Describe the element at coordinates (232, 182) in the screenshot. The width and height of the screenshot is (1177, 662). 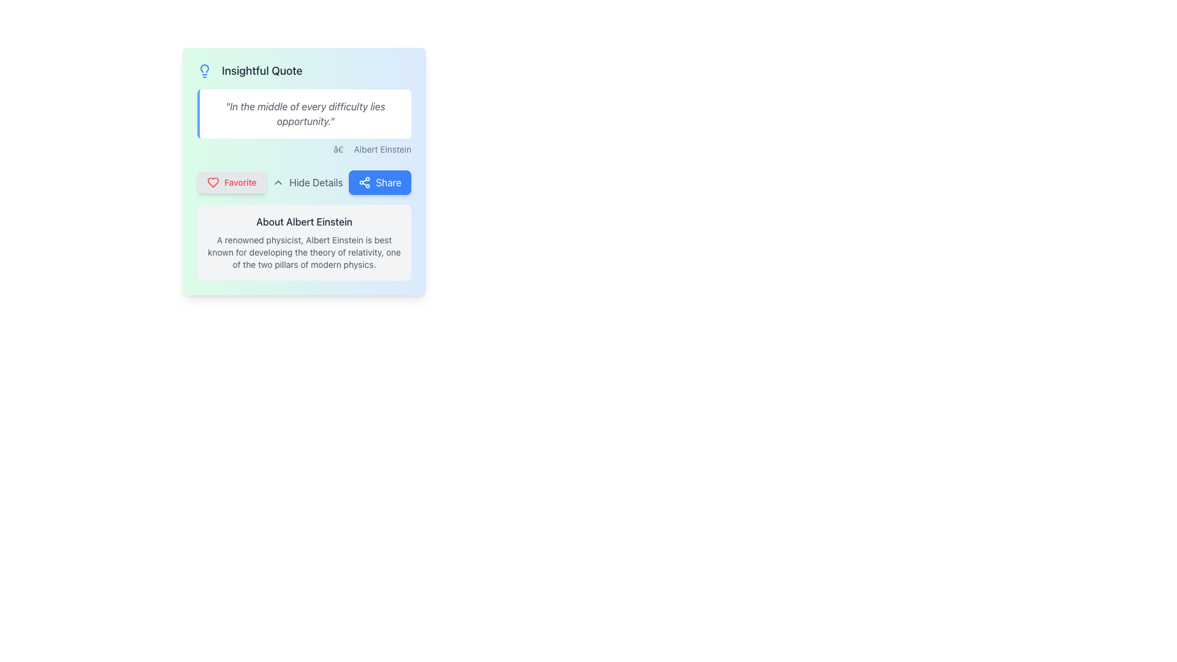
I see `the 'Favorite' button, which is a rounded rectangular button with a light gray background and red text, featuring a heart-shaped icon on the left` at that location.